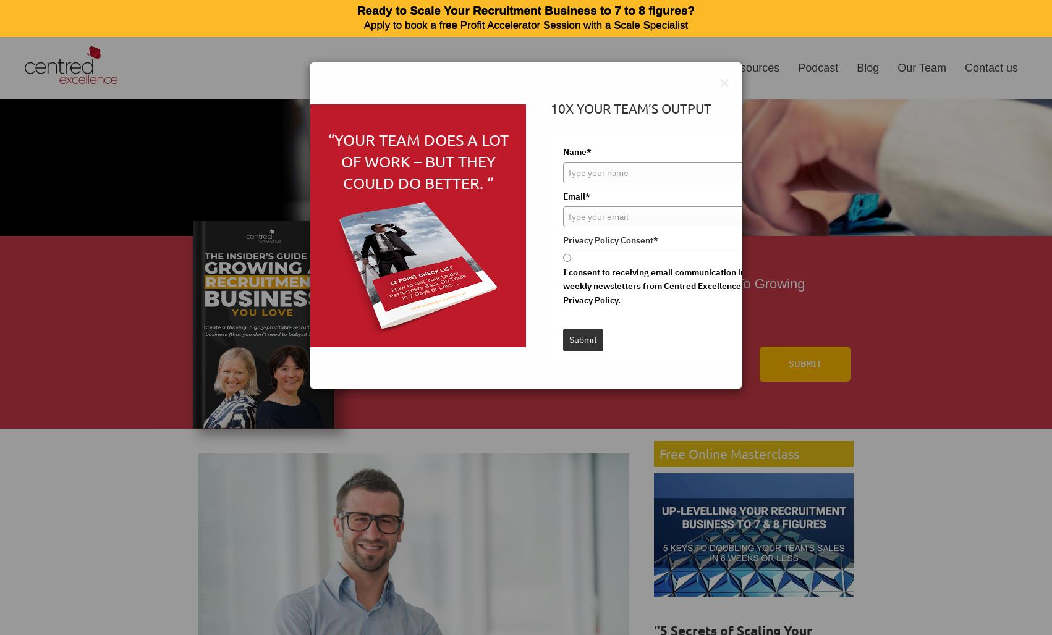  What do you see at coordinates (491, 67) in the screenshot?
I see `'Home'` at bounding box center [491, 67].